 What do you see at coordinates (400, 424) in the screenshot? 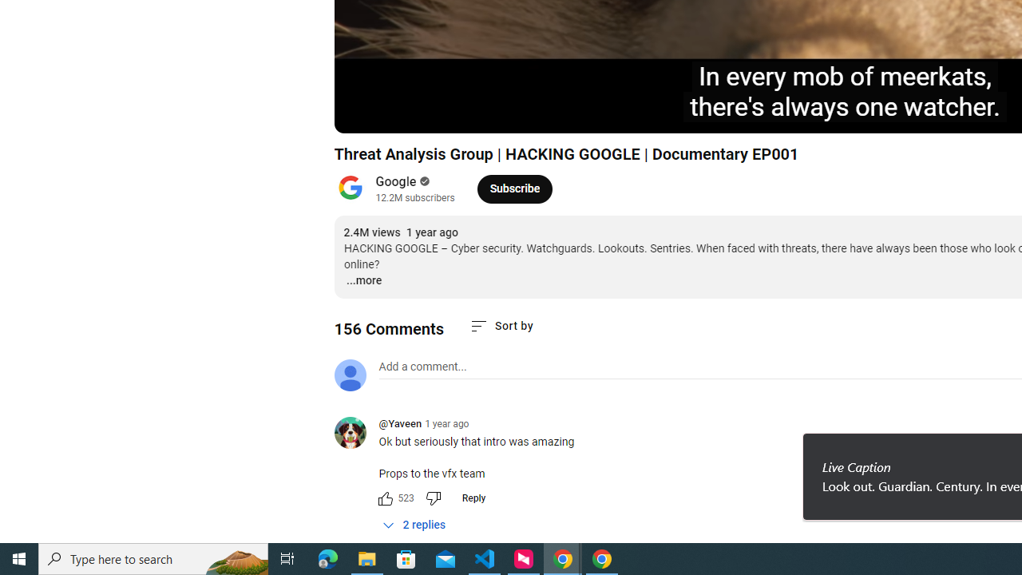
I see `'@Yaveen'` at bounding box center [400, 424].